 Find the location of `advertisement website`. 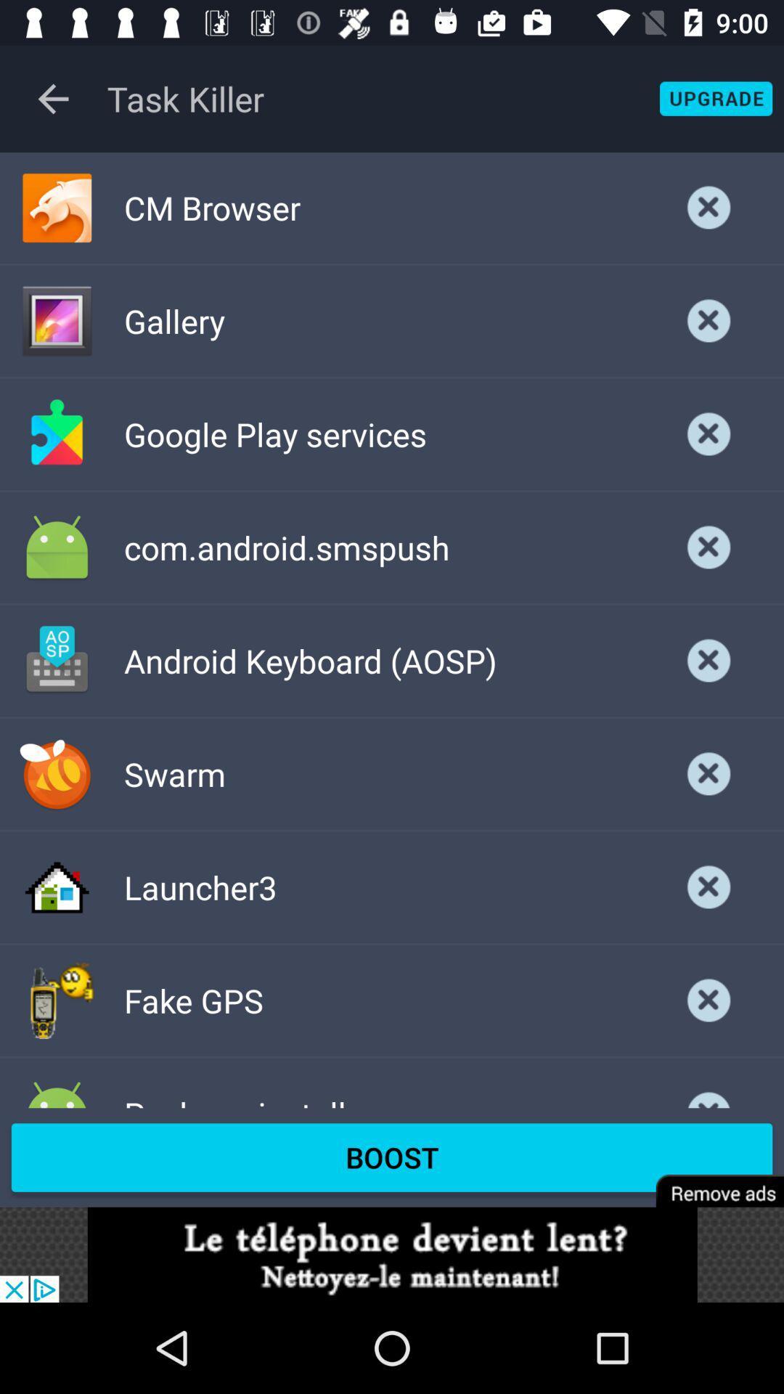

advertisement website is located at coordinates (392, 1254).